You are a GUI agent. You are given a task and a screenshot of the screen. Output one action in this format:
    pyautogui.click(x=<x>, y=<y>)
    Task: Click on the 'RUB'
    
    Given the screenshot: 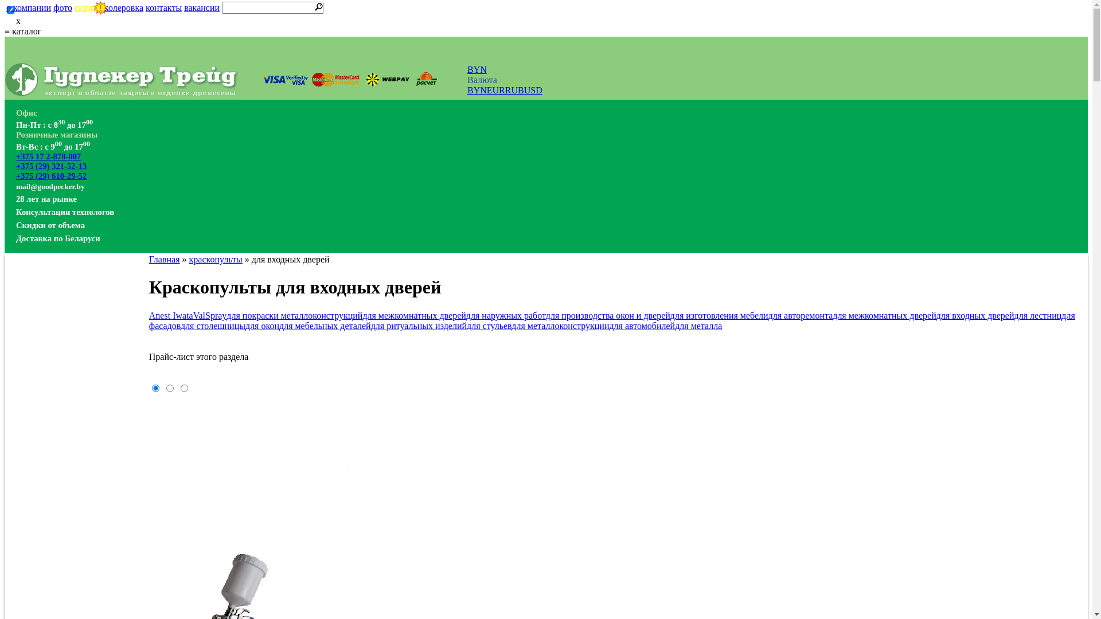 What is the action you would take?
    pyautogui.click(x=505, y=89)
    